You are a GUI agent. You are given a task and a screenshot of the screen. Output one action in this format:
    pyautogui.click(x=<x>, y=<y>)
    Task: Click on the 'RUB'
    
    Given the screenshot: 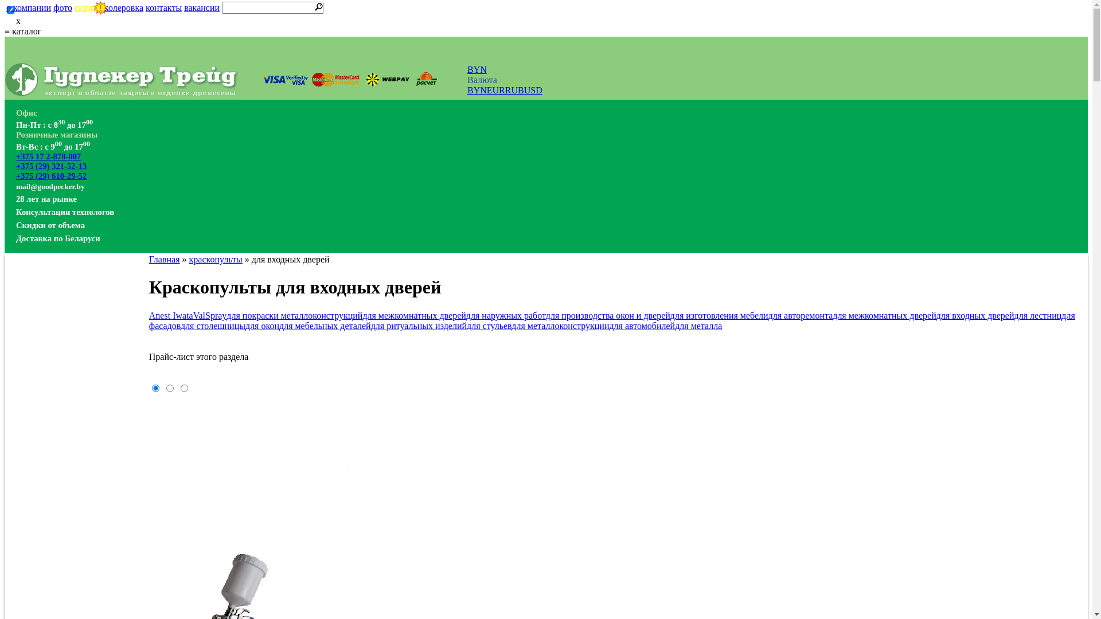 What is the action you would take?
    pyautogui.click(x=505, y=89)
    